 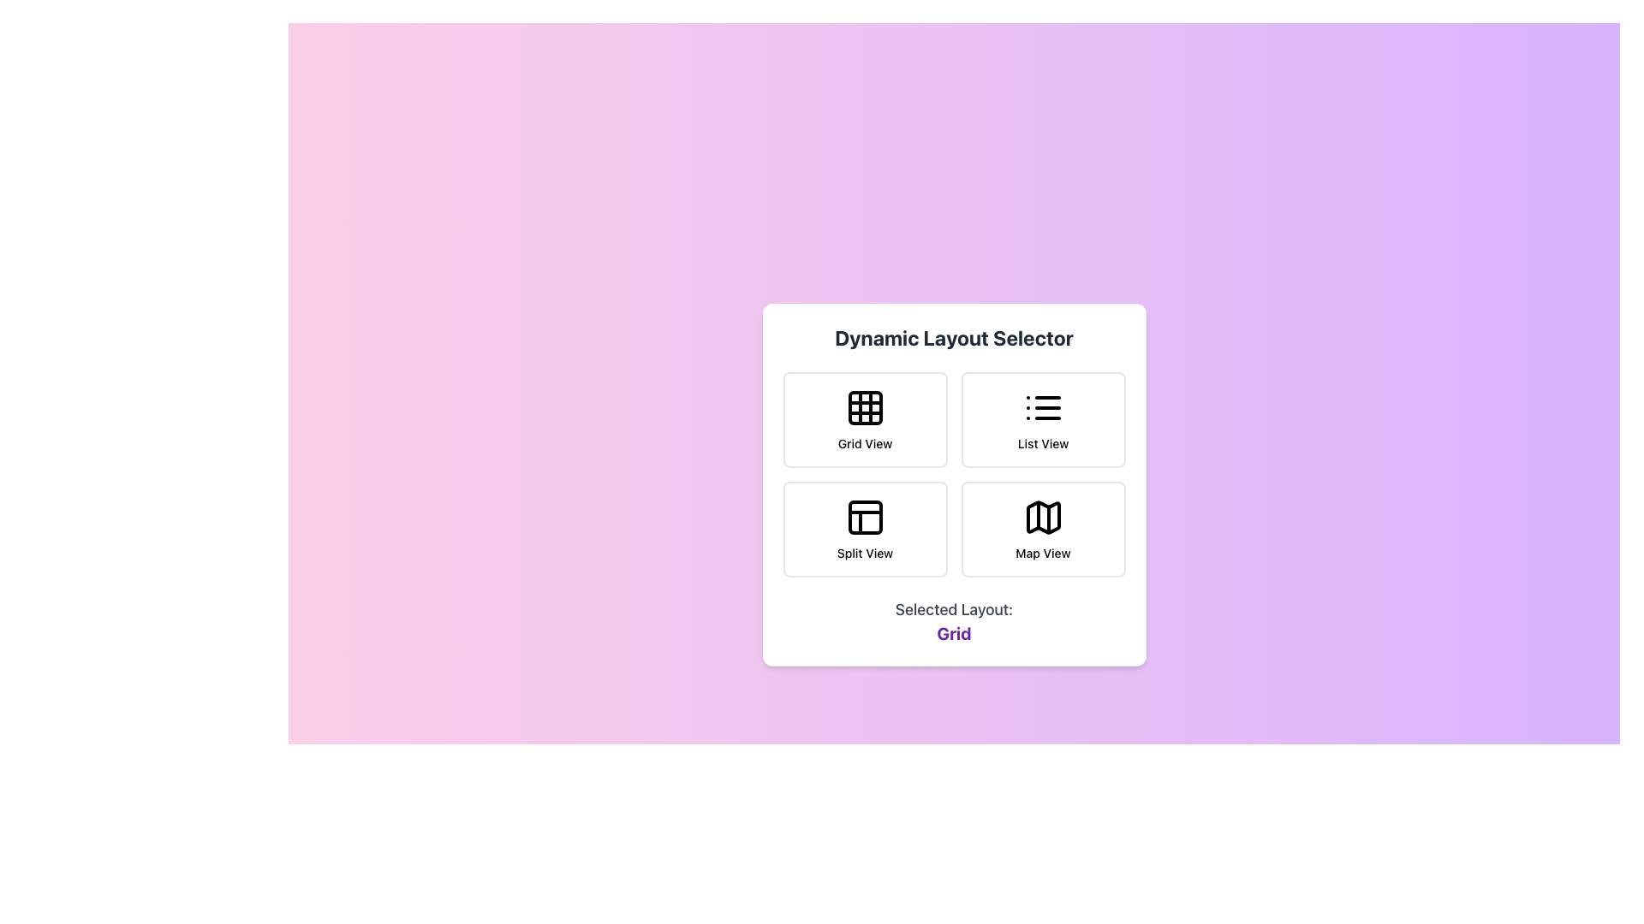 What do you see at coordinates (1042, 408) in the screenshot?
I see `the 'List View' icon in the layout selector` at bounding box center [1042, 408].